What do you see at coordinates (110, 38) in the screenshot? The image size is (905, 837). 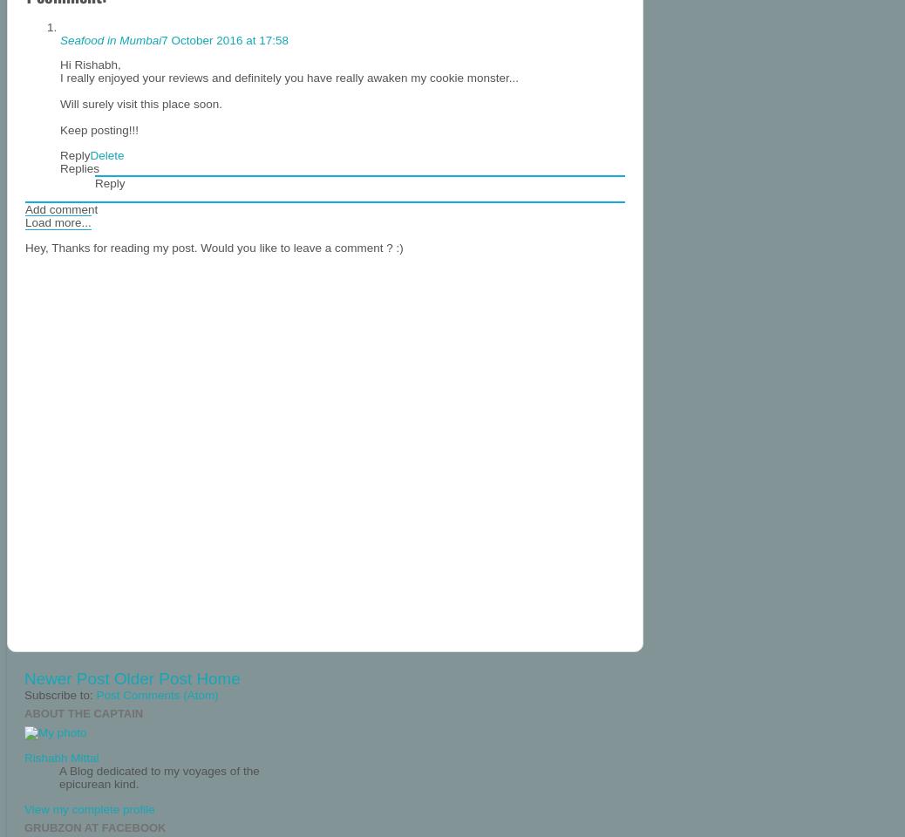 I see `'Seafood in Mumbai'` at bounding box center [110, 38].